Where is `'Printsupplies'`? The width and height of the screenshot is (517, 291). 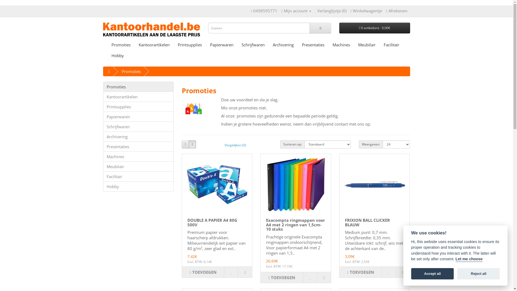
'Printsupplies' is located at coordinates (138, 107).